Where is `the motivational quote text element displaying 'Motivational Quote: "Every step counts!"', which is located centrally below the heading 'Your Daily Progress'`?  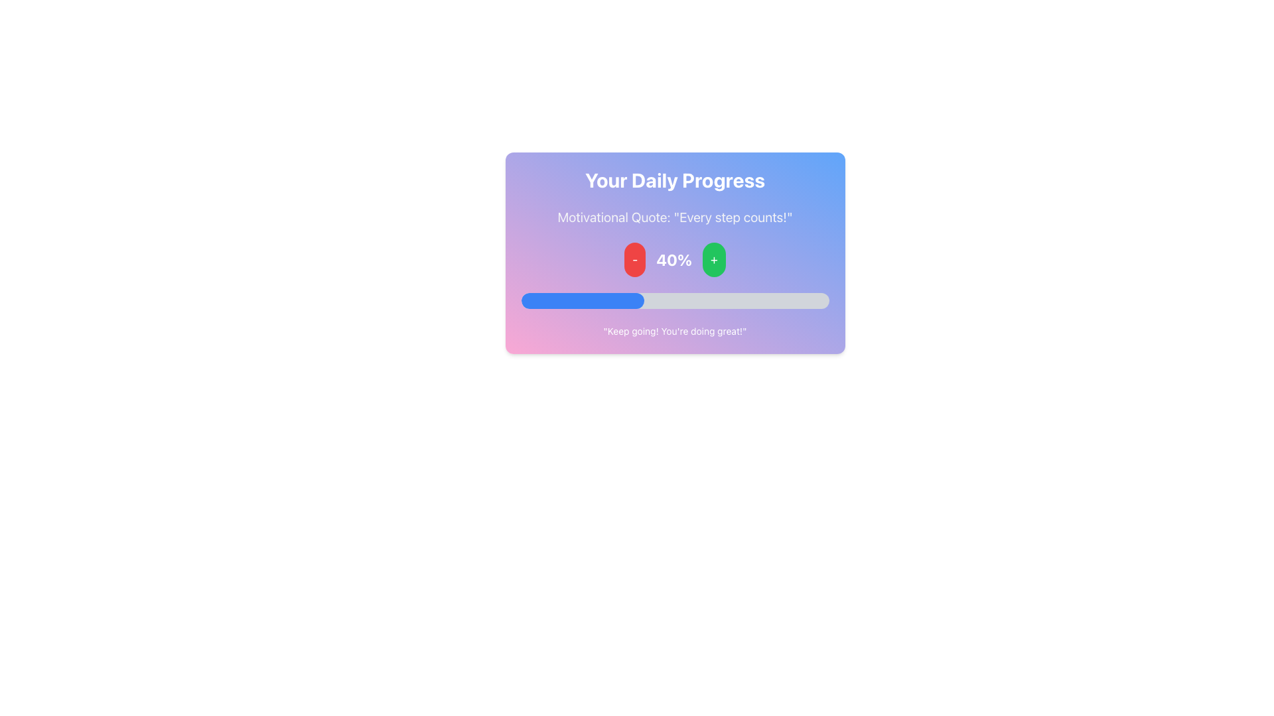 the motivational quote text element displaying 'Motivational Quote: "Every step counts!"', which is located centrally below the heading 'Your Daily Progress' is located at coordinates (675, 216).